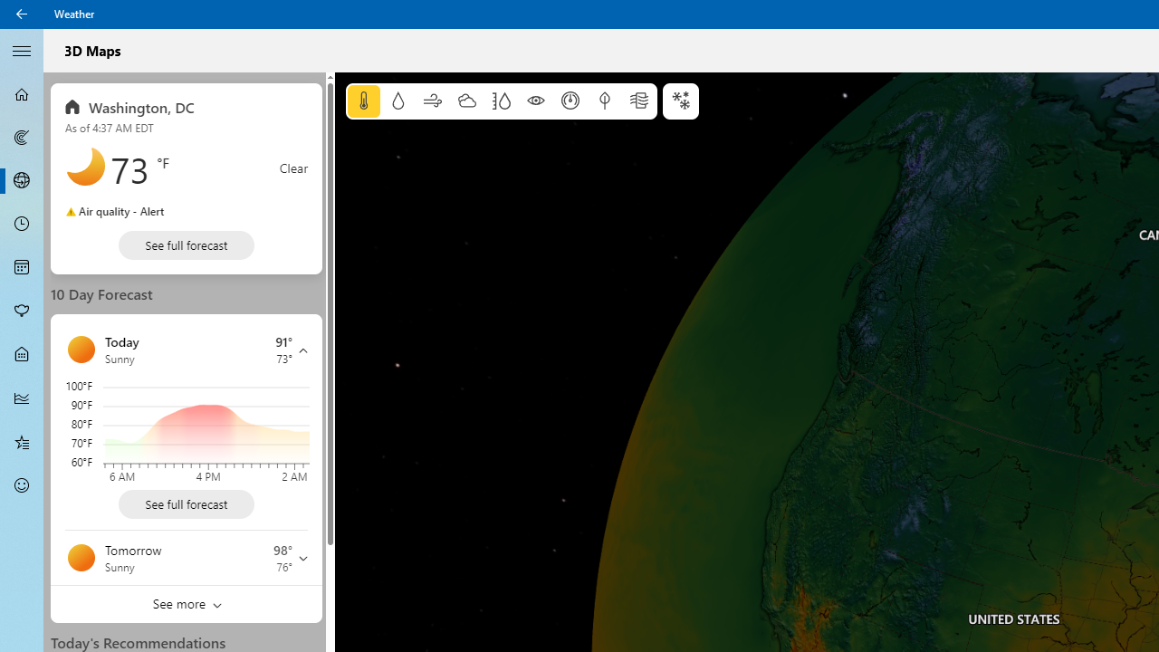 Image resolution: width=1159 pixels, height=652 pixels. I want to click on 'Monthly Forecast - Not Selected', so click(22, 267).